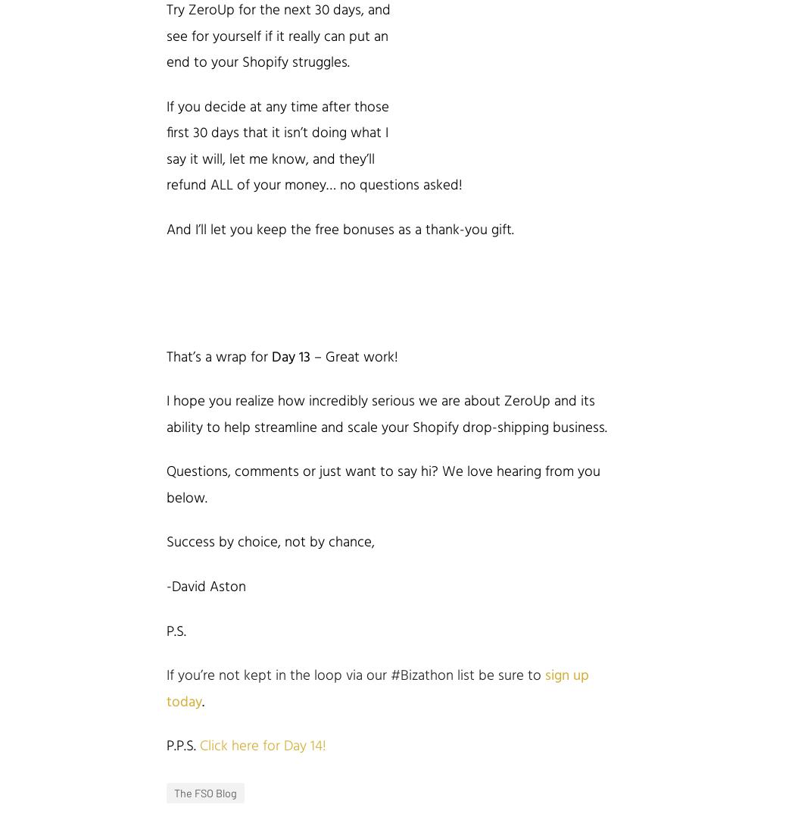 This screenshot has width=795, height=817. What do you see at coordinates (376, 688) in the screenshot?
I see `'sign up today'` at bounding box center [376, 688].